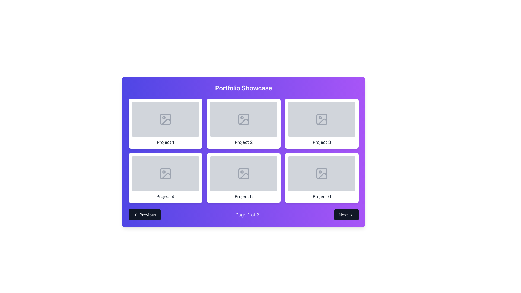 This screenshot has height=293, width=521. I want to click on the 'Project 5' card in the second row, second column of the 3x2 grid layout within the 'Portfolio Showcase', so click(243, 178).